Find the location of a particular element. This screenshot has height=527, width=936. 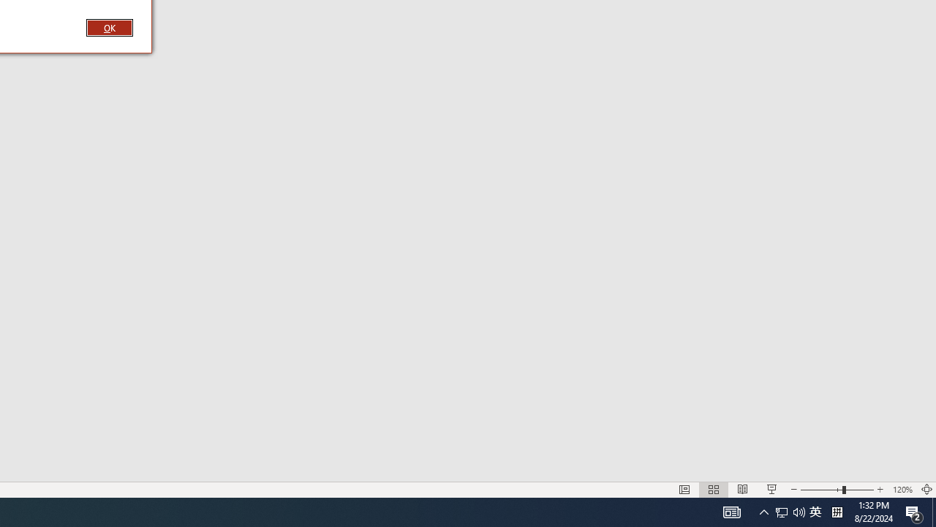

'OK' is located at coordinates (108, 27).